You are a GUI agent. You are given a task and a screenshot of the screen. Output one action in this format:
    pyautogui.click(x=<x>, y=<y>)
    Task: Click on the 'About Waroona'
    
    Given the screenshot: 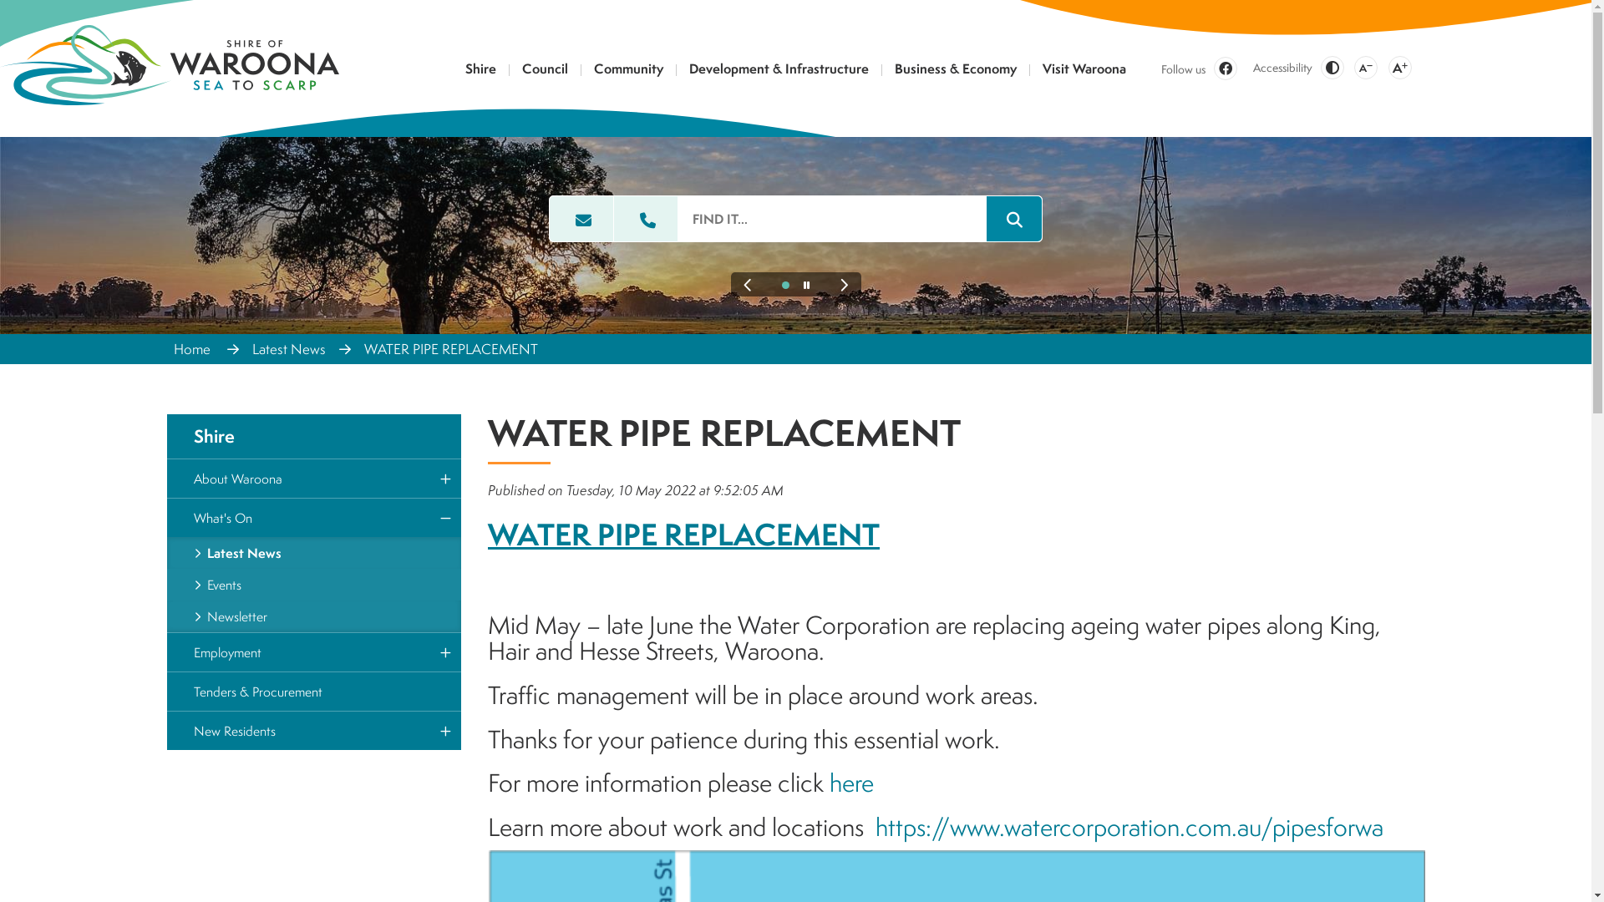 What is the action you would take?
    pyautogui.click(x=314, y=479)
    